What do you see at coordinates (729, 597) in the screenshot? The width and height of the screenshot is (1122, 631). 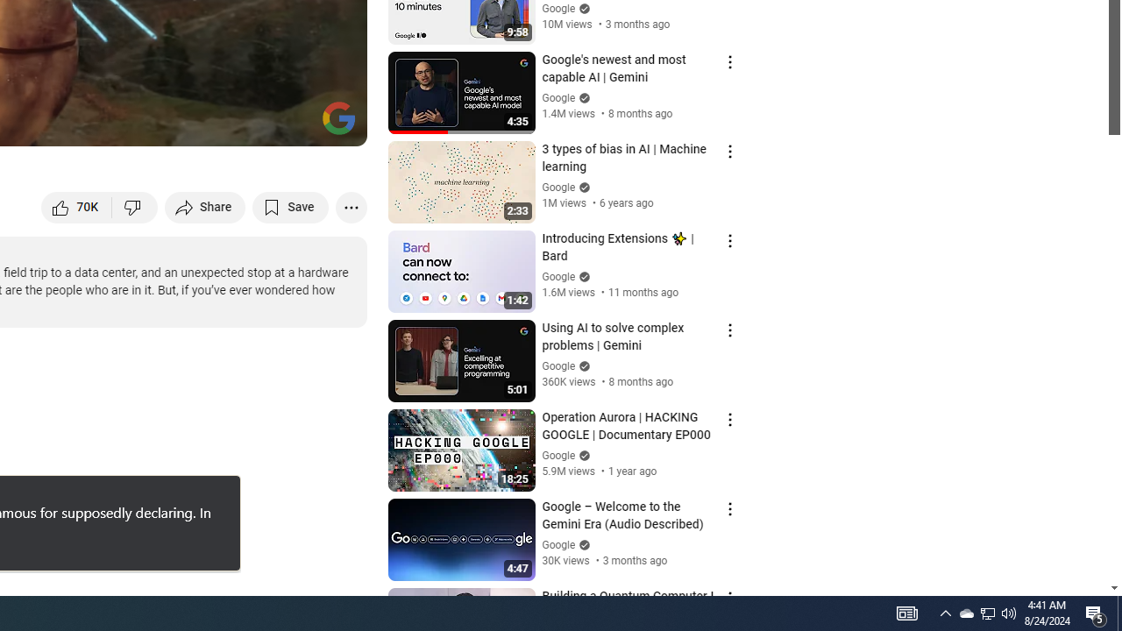 I see `'Action menu'` at bounding box center [729, 597].